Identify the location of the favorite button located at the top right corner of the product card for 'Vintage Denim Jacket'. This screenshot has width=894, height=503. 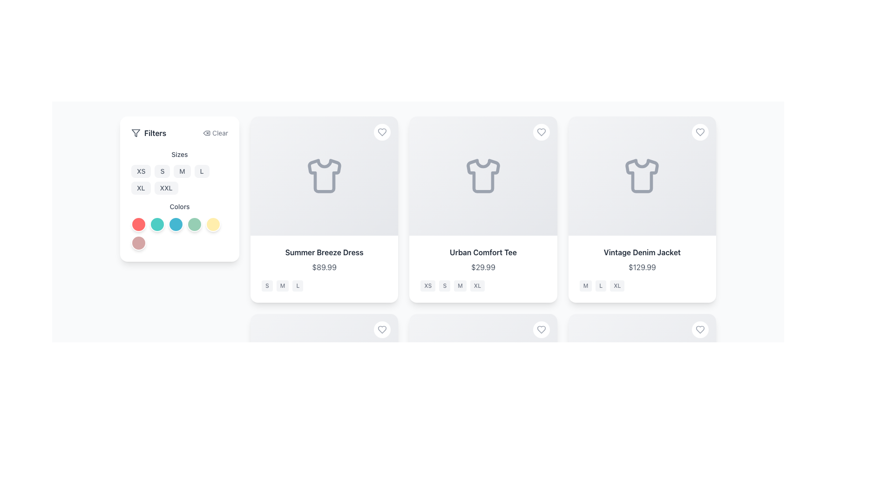
(700, 329).